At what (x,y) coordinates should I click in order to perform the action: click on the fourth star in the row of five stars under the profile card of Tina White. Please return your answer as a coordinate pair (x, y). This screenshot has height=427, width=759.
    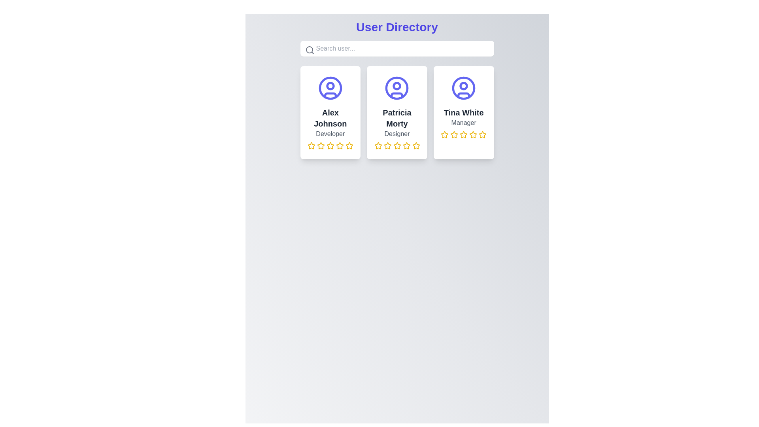
    Looking at the image, I should click on (464, 134).